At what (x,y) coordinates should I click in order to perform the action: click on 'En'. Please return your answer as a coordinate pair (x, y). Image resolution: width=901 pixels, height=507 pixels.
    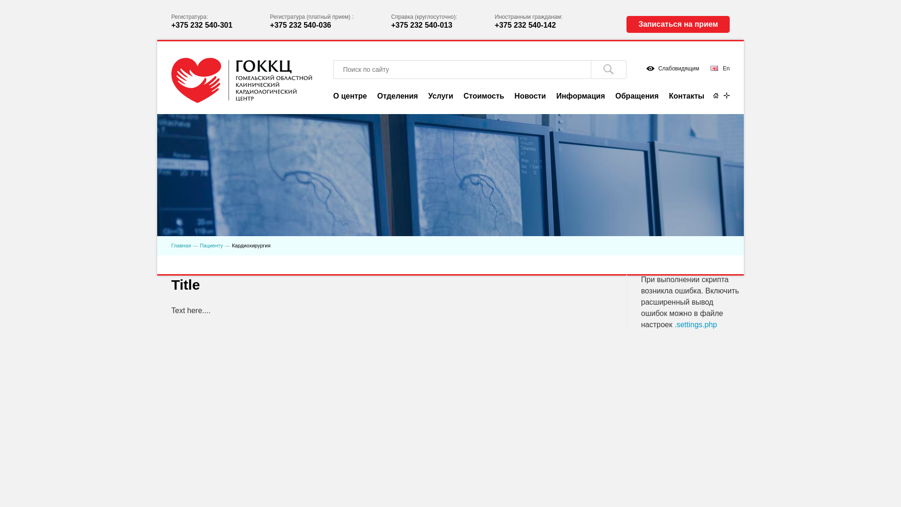
    Looking at the image, I should click on (719, 68).